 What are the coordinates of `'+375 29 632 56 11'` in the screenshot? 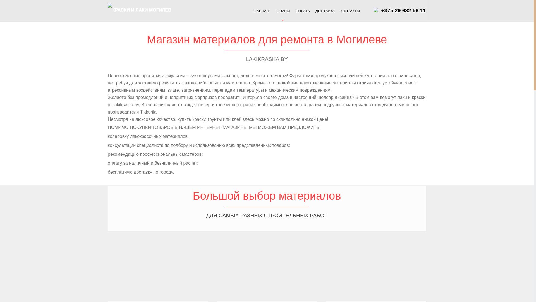 It's located at (403, 10).